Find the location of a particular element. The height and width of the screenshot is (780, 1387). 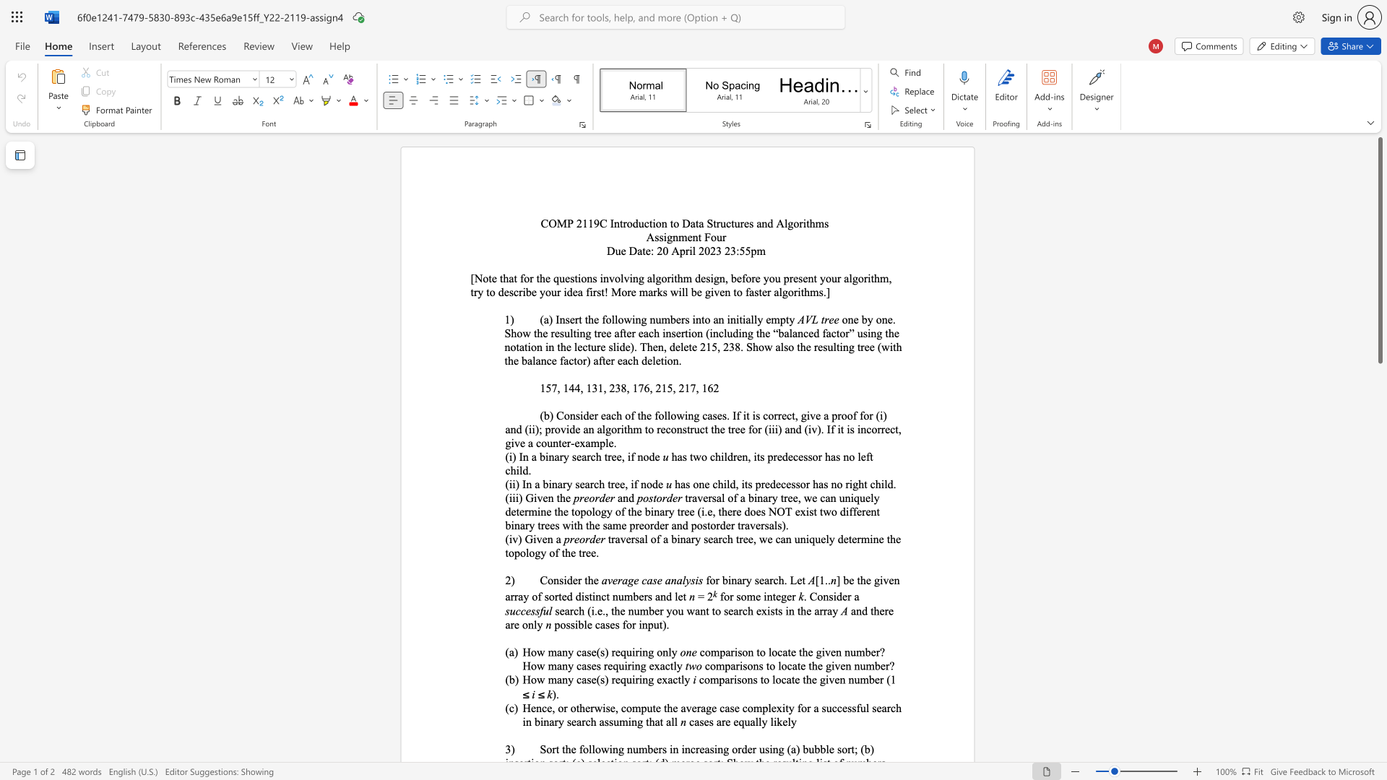

the 2th character "3" in the text is located at coordinates (618, 387).